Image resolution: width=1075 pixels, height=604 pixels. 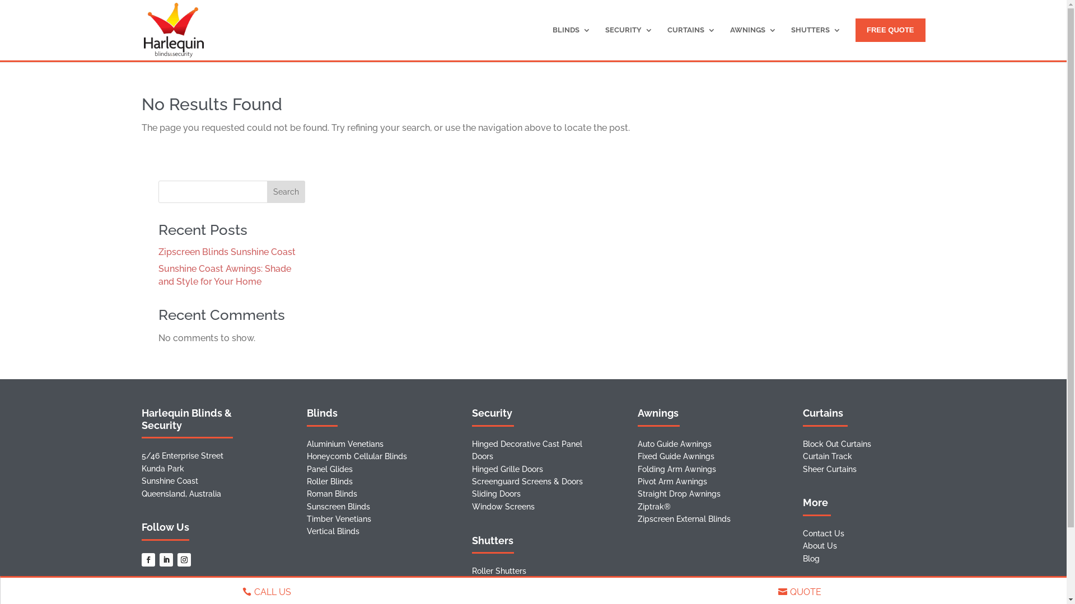 What do you see at coordinates (338, 507) in the screenshot?
I see `'Sunscreen Blinds'` at bounding box center [338, 507].